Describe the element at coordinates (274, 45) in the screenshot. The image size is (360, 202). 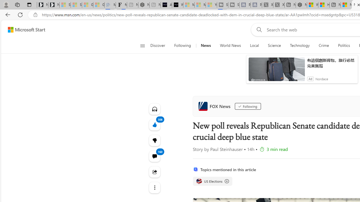
I see `'Science'` at that location.